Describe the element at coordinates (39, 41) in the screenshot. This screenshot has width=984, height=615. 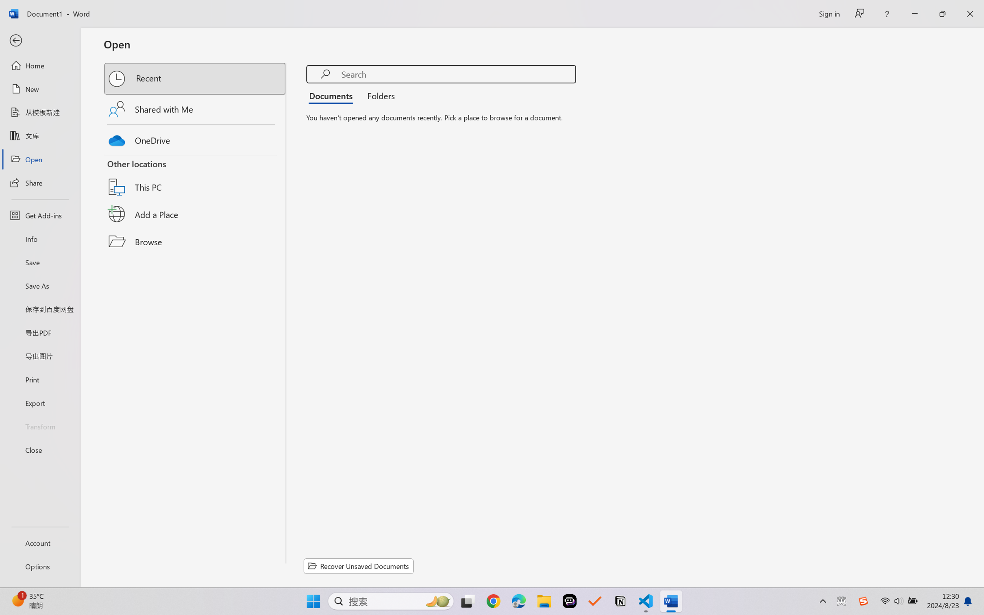
I see `'Back'` at that location.